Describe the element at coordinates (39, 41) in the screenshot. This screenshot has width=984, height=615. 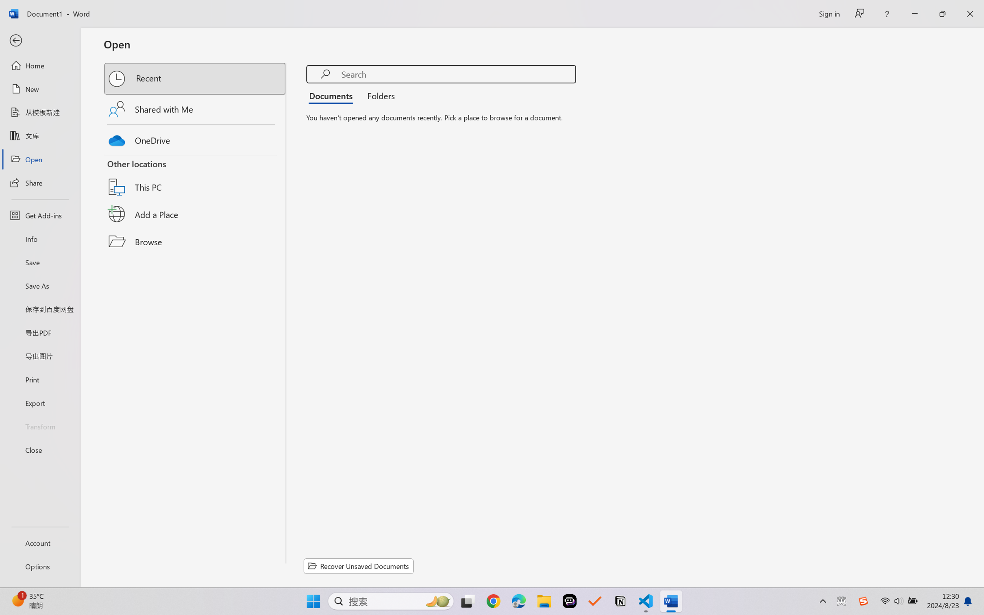
I see `'Back'` at that location.